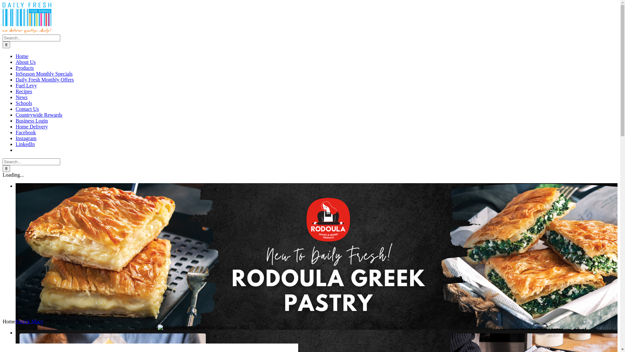  What do you see at coordinates (27, 109) in the screenshot?
I see `'Contact Us'` at bounding box center [27, 109].